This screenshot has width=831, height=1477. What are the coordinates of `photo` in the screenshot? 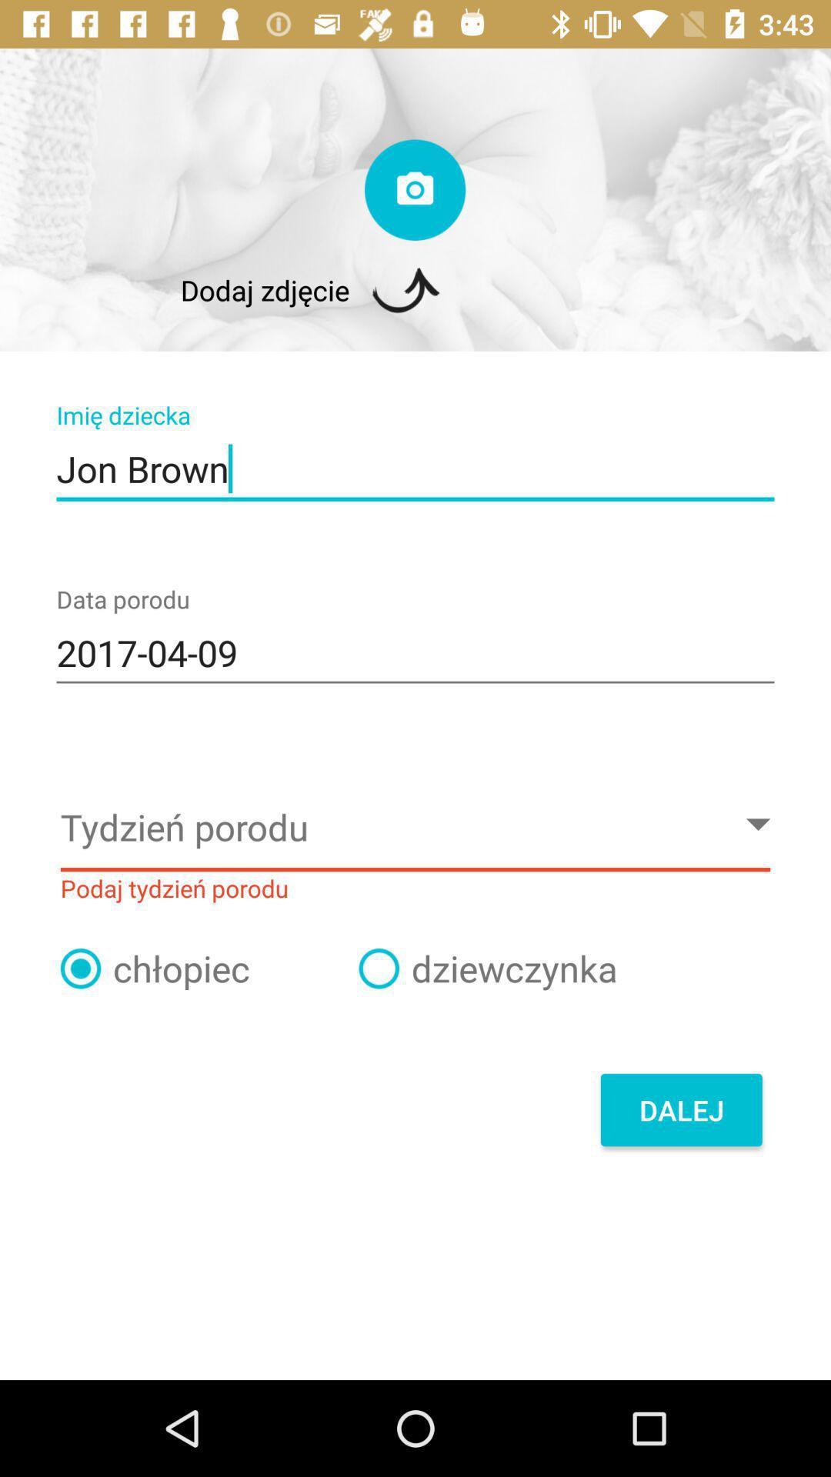 It's located at (414, 189).